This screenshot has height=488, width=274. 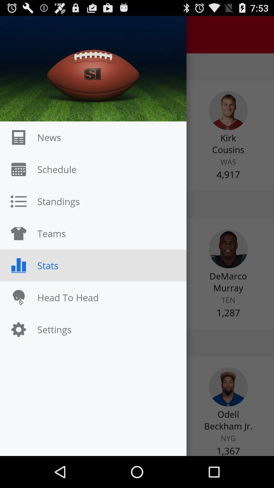 I want to click on the avatar icon, so click(x=228, y=266).